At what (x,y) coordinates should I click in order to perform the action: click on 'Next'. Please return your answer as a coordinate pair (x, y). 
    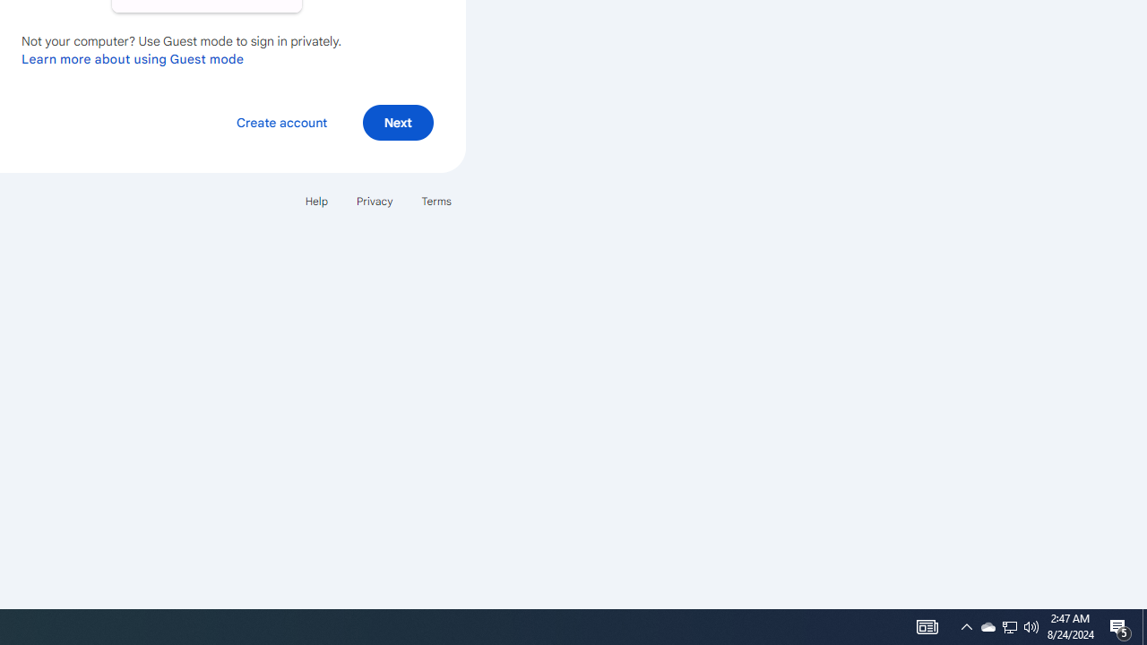
    Looking at the image, I should click on (397, 121).